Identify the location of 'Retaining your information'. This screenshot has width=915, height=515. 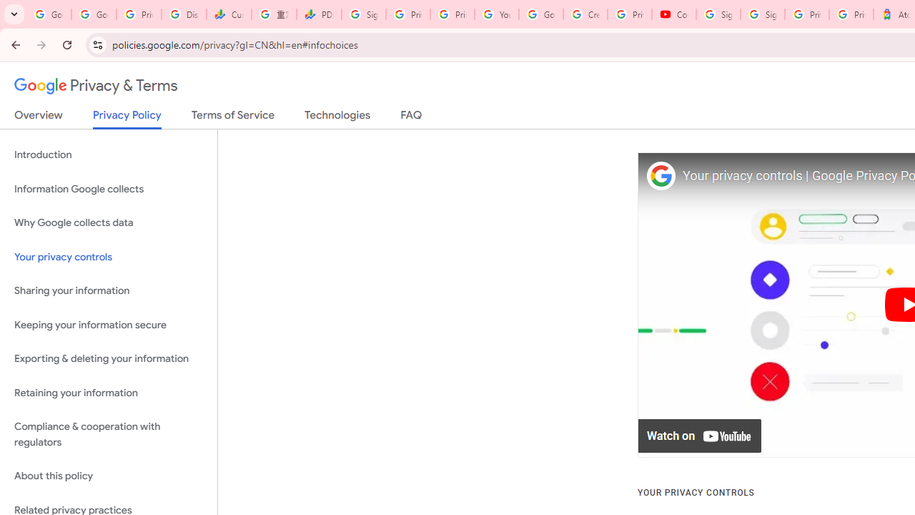
(108, 393).